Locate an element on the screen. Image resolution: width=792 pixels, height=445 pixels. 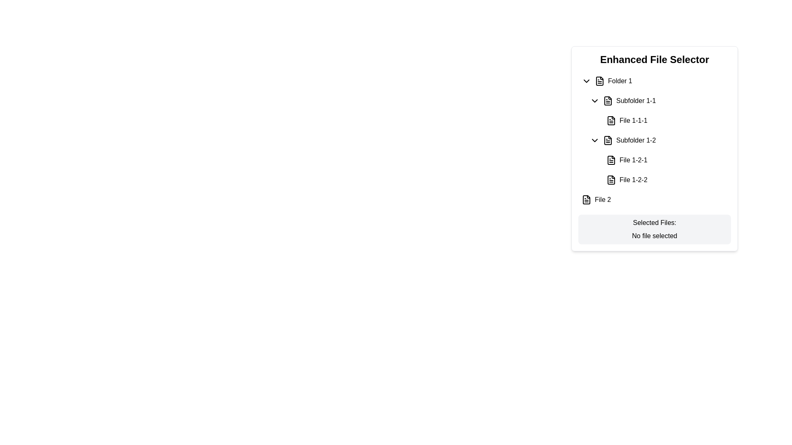
on the Folder entry labeled 'Folder 1' in the file selector interface is located at coordinates (654, 81).